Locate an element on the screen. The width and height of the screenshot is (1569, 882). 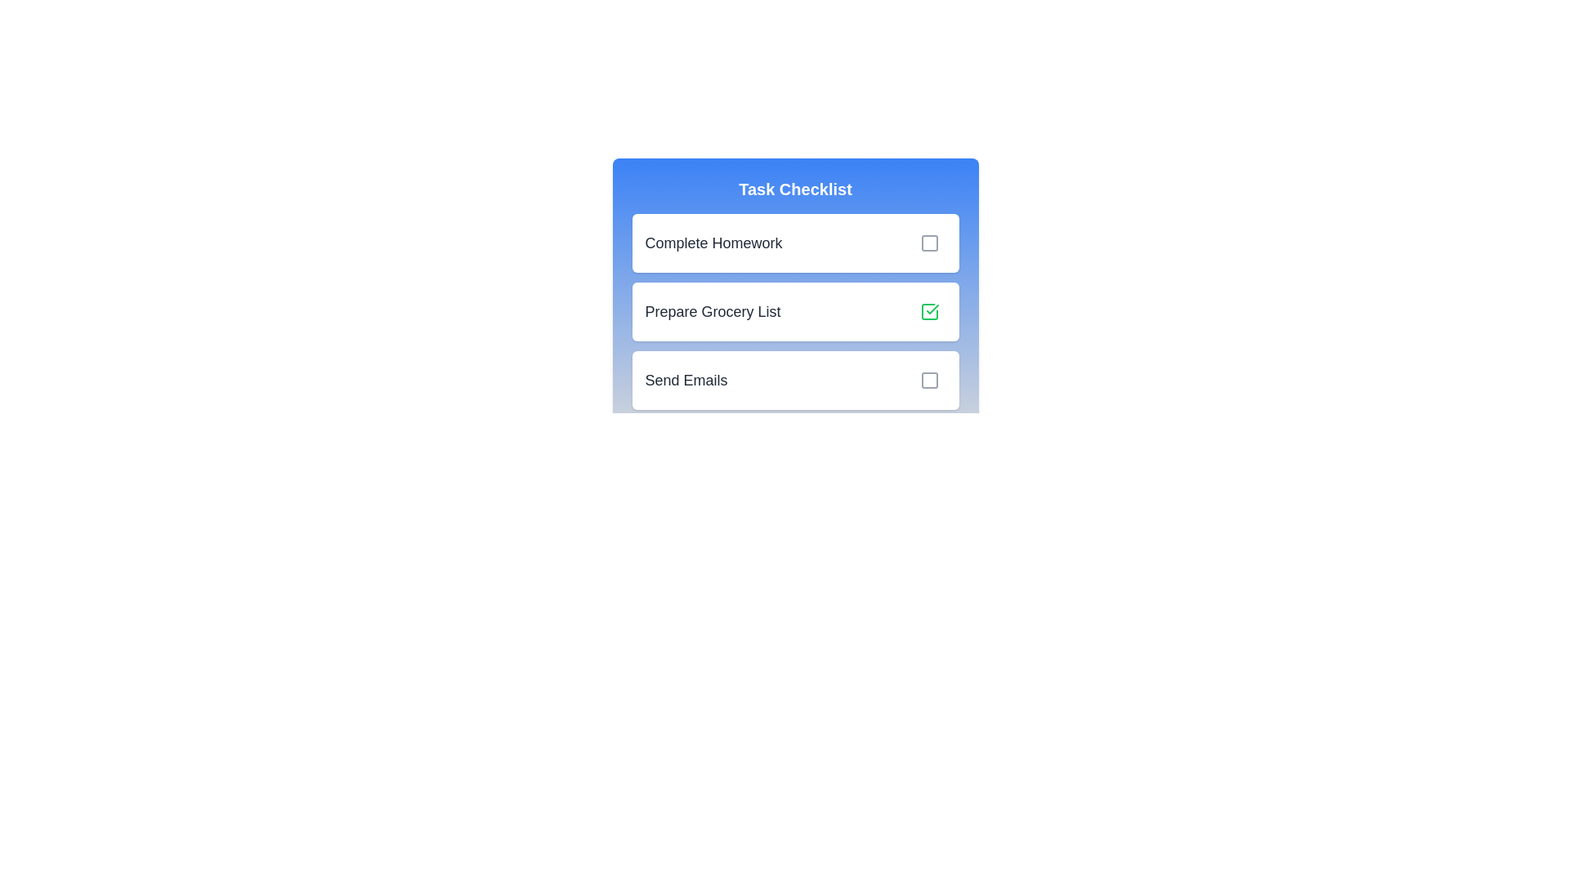
the button corresponding to Send Emails is located at coordinates (929, 381).